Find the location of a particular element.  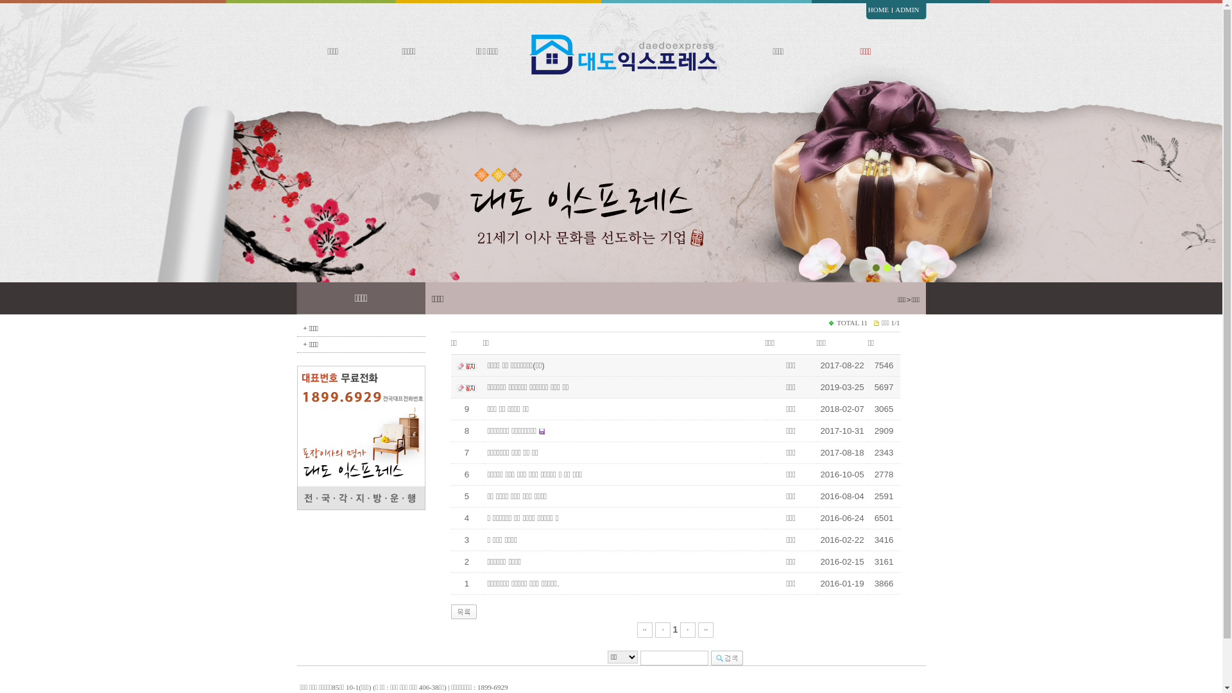

'0' is located at coordinates (914, 277).